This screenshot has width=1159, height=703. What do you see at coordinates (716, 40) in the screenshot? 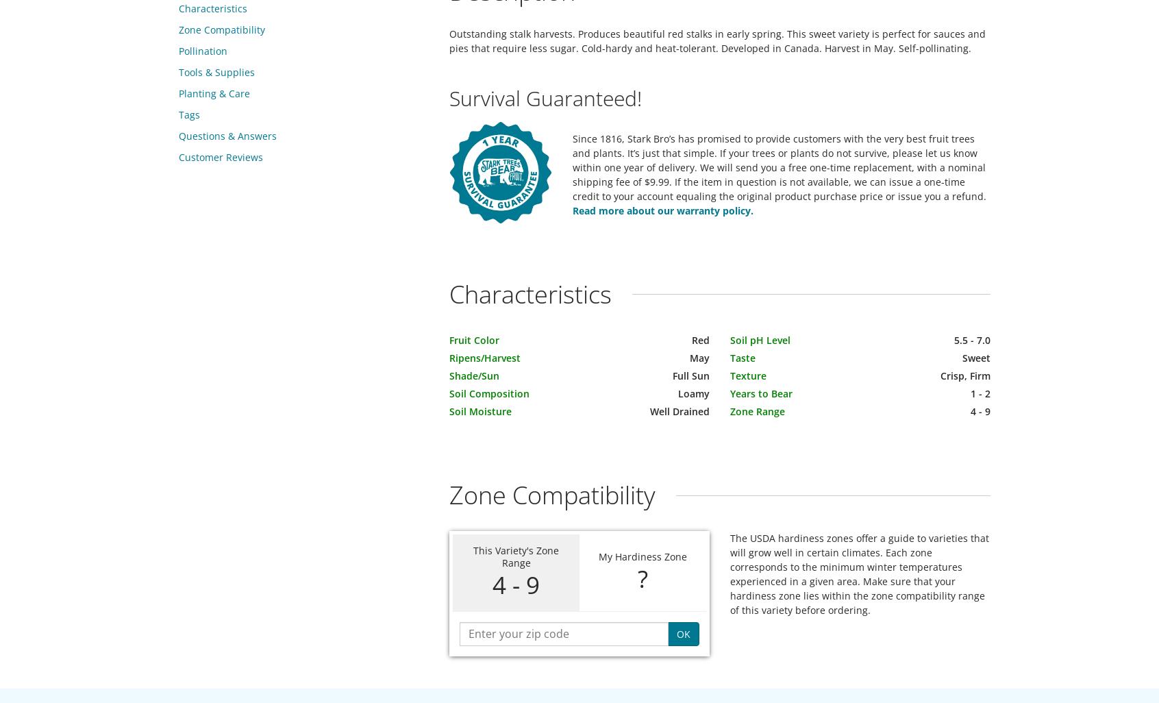
I see `'Outstanding stalk harvests. Produces beautiful red stalks in early spring. This sweet variety is perfect for sauces and pies that require less sugar. Cold-hardy and heat-tolerant. Developed in Canada. Harvest in May. Self-pollinating.'` at bounding box center [716, 40].